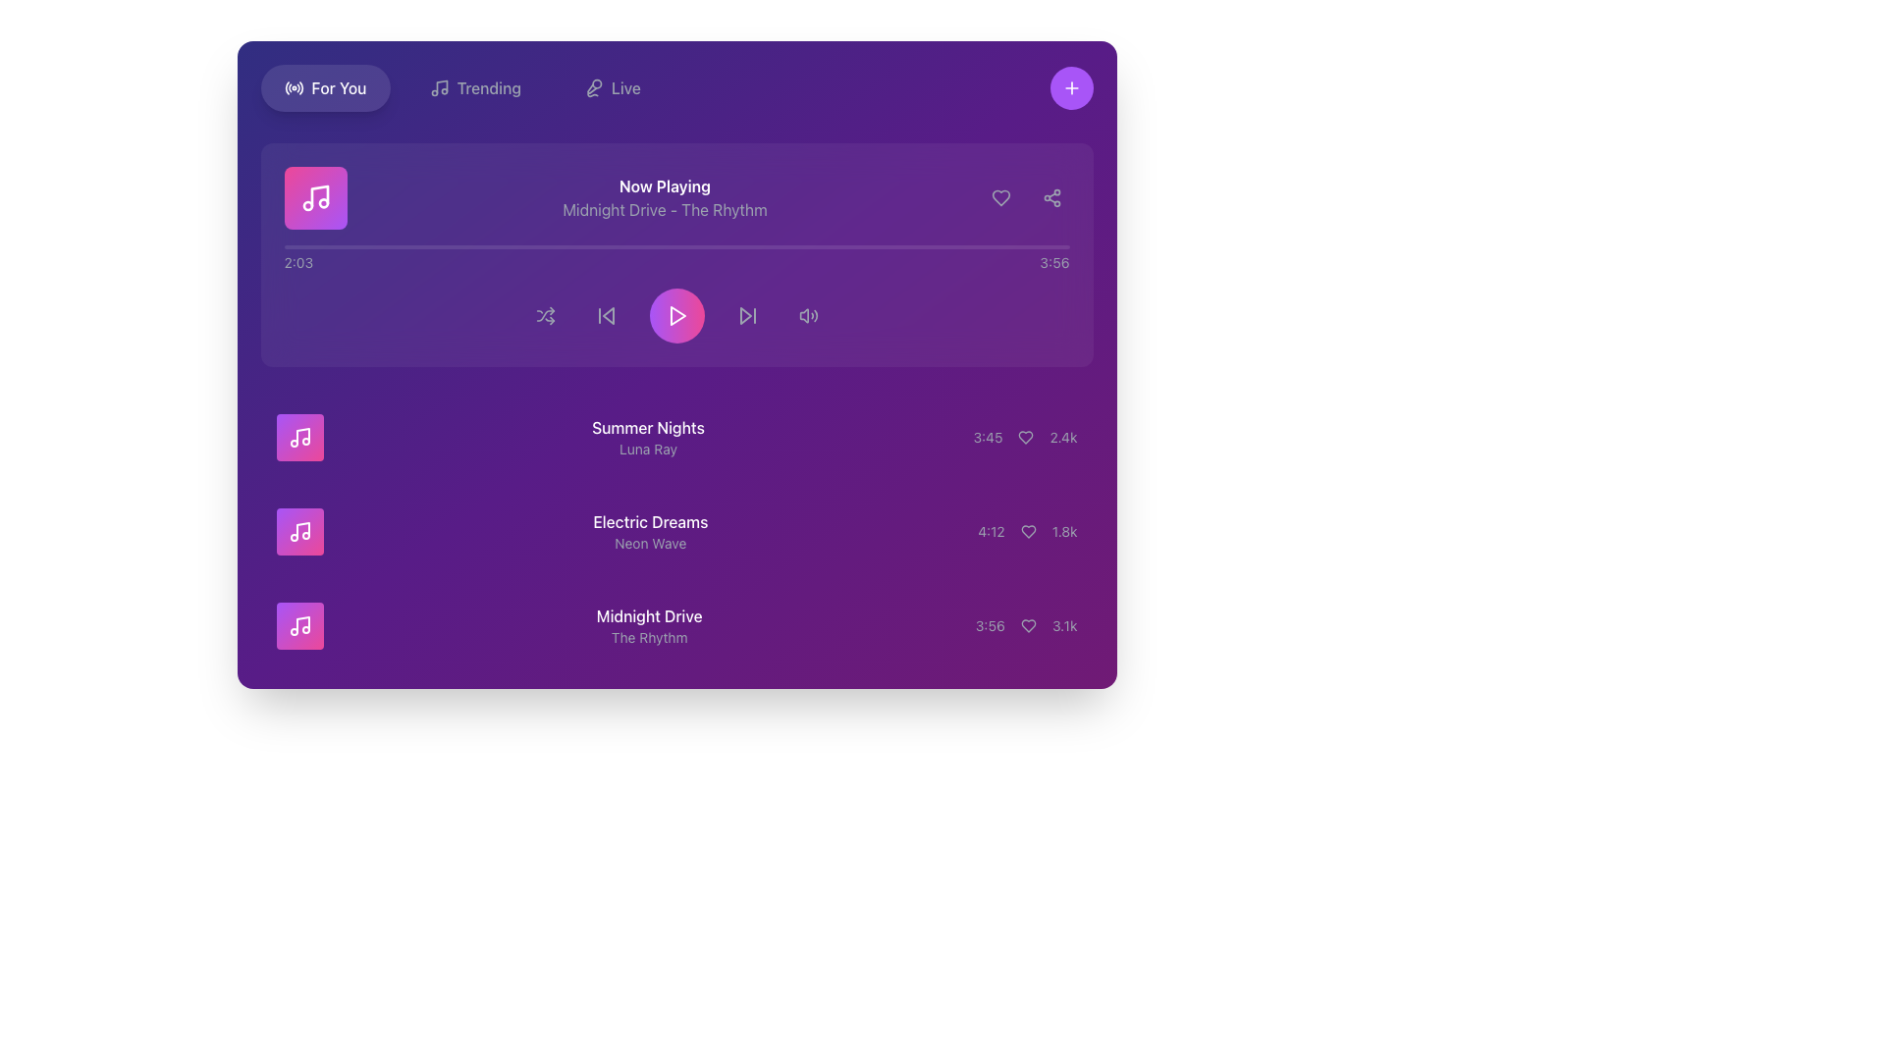 This screenshot has height=1060, width=1885. I want to click on the second list item entry displaying the song 'Electric Dreams' by 'Neon Wave', which includes multiple data fields and icons, so click(676, 532).